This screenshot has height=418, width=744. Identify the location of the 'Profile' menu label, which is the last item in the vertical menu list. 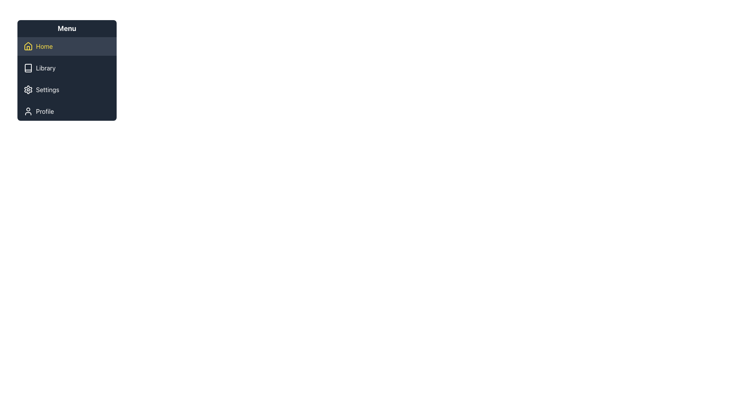
(45, 111).